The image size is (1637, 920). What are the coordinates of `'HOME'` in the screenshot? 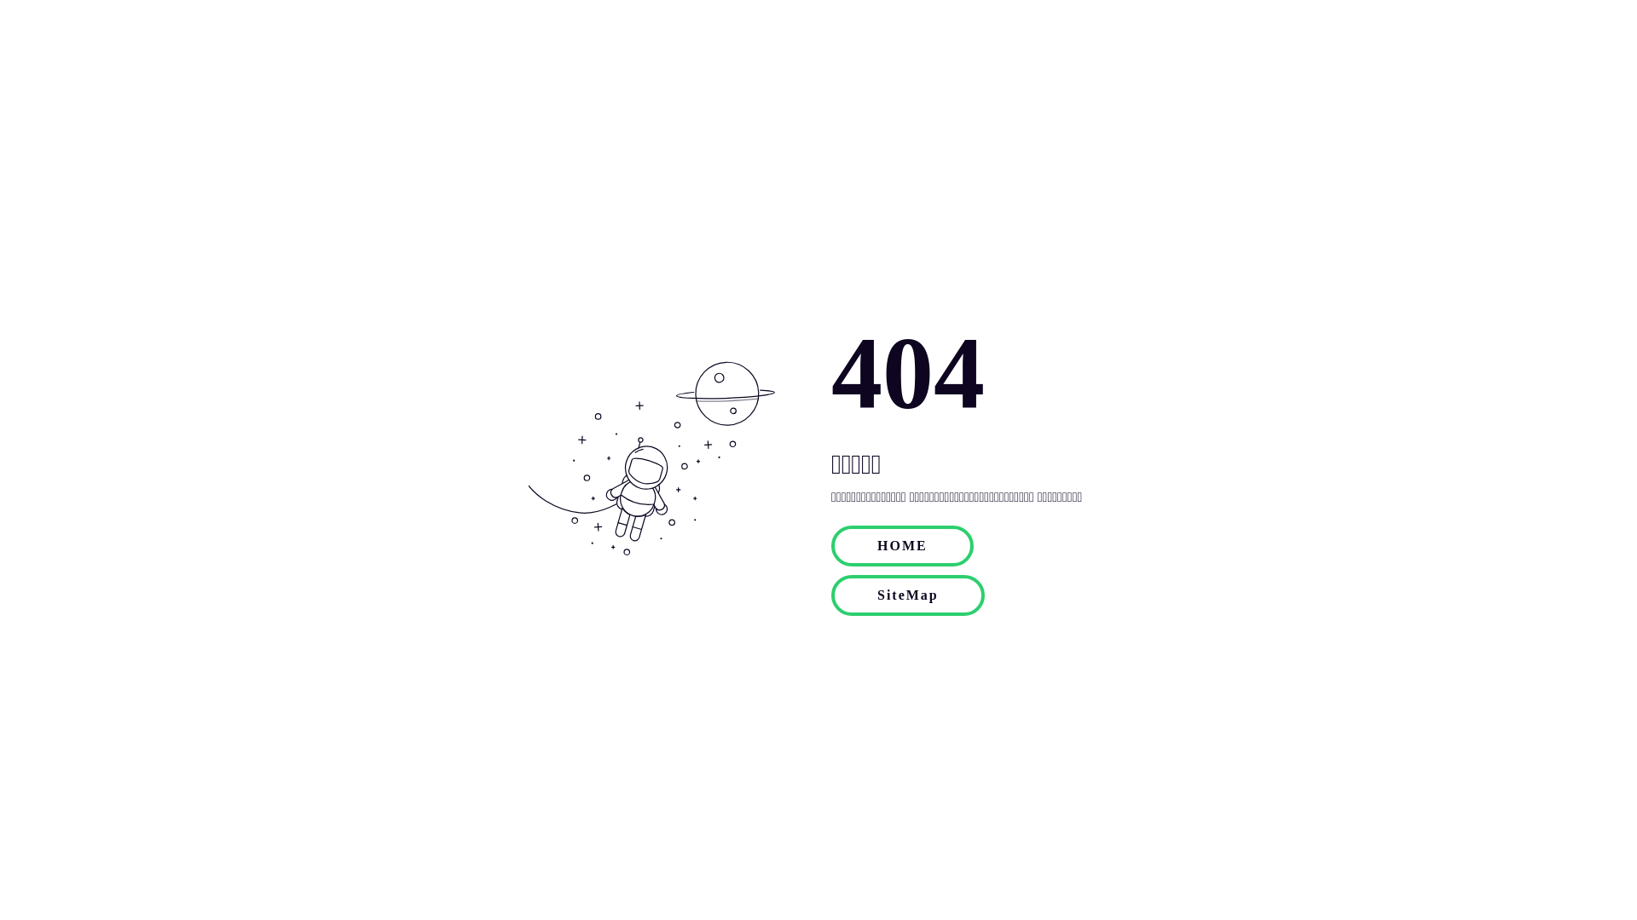 It's located at (901, 544).